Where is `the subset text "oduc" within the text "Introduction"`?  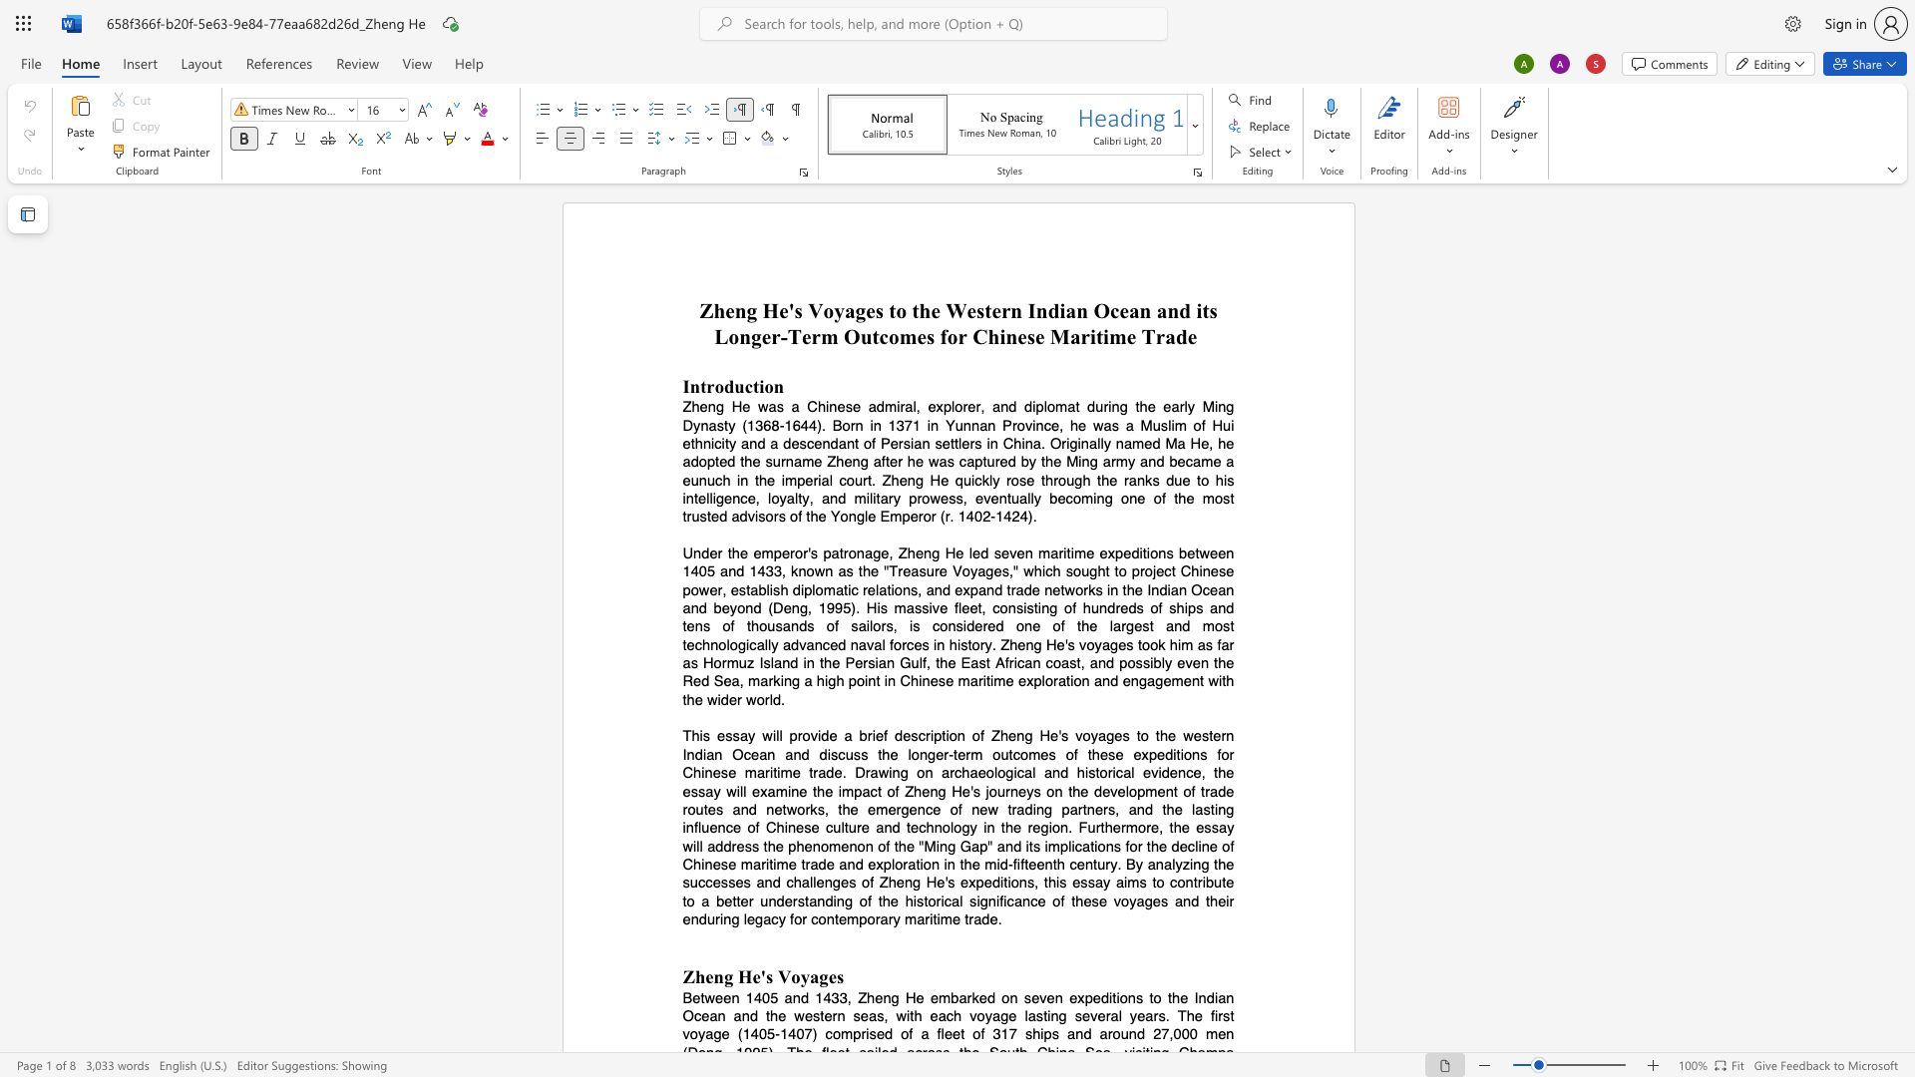 the subset text "oduc" within the text "Introduction" is located at coordinates (714, 386).